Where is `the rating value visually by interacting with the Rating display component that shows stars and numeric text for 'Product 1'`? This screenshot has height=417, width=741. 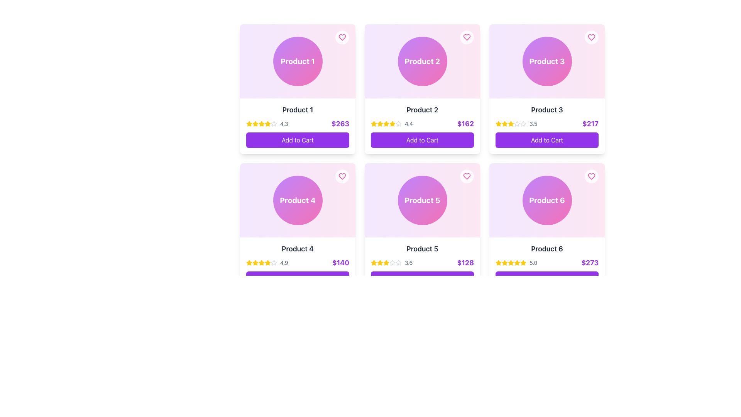
the rating value visually by interacting with the Rating display component that shows stars and numeric text for 'Product 1' is located at coordinates (267, 123).